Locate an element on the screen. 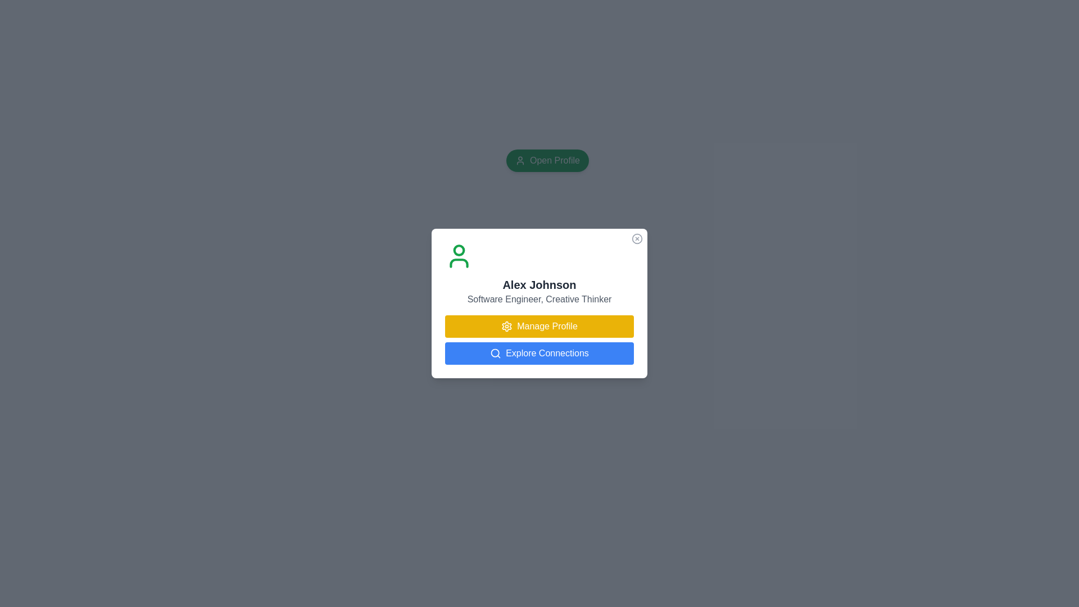 This screenshot has width=1079, height=607. header text label indicating the name of the individual profiled in the card, which is located below the user icon and above the subtitle 'Software Engineer, Creative Thinker' is located at coordinates (539, 284).